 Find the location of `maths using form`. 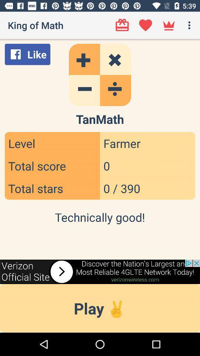

maths using form is located at coordinates (100, 75).